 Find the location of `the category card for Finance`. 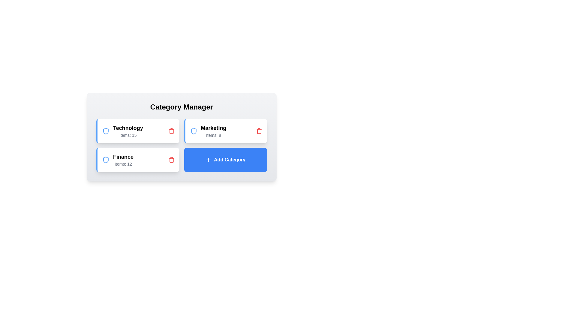

the category card for Finance is located at coordinates (137, 159).